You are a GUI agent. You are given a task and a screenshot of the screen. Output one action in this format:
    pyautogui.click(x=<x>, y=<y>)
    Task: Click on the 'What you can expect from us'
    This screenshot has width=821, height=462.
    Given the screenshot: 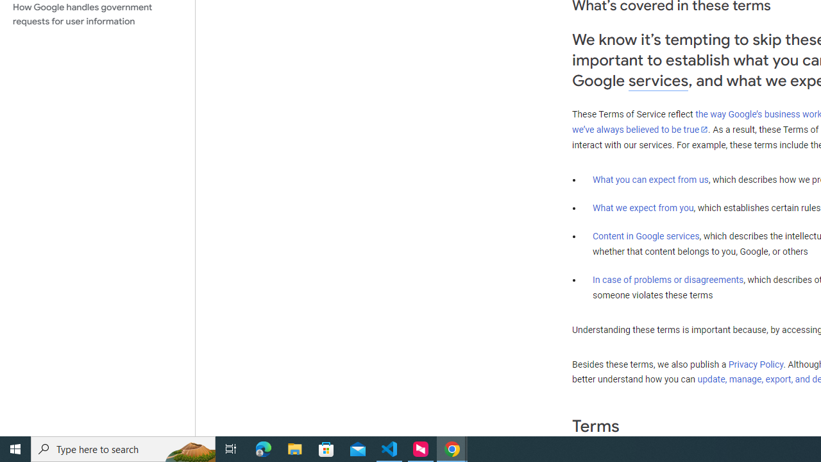 What is the action you would take?
    pyautogui.click(x=650, y=179)
    